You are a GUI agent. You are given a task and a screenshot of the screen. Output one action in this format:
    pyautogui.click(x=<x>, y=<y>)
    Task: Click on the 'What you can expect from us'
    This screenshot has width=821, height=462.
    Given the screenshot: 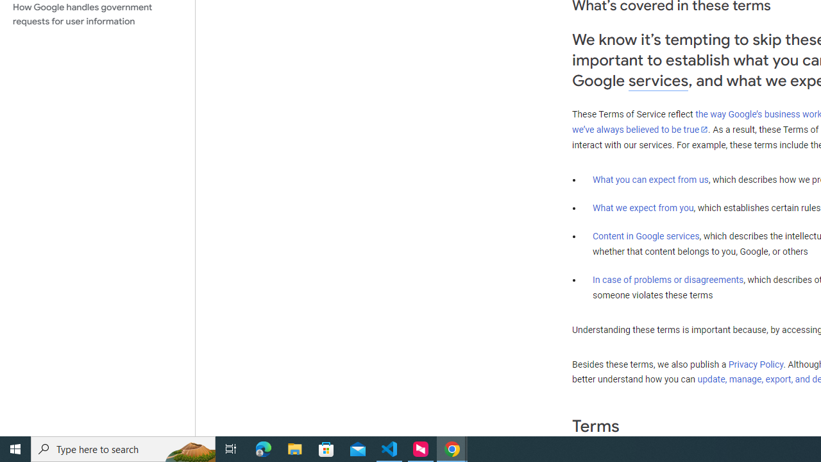 What is the action you would take?
    pyautogui.click(x=650, y=179)
    